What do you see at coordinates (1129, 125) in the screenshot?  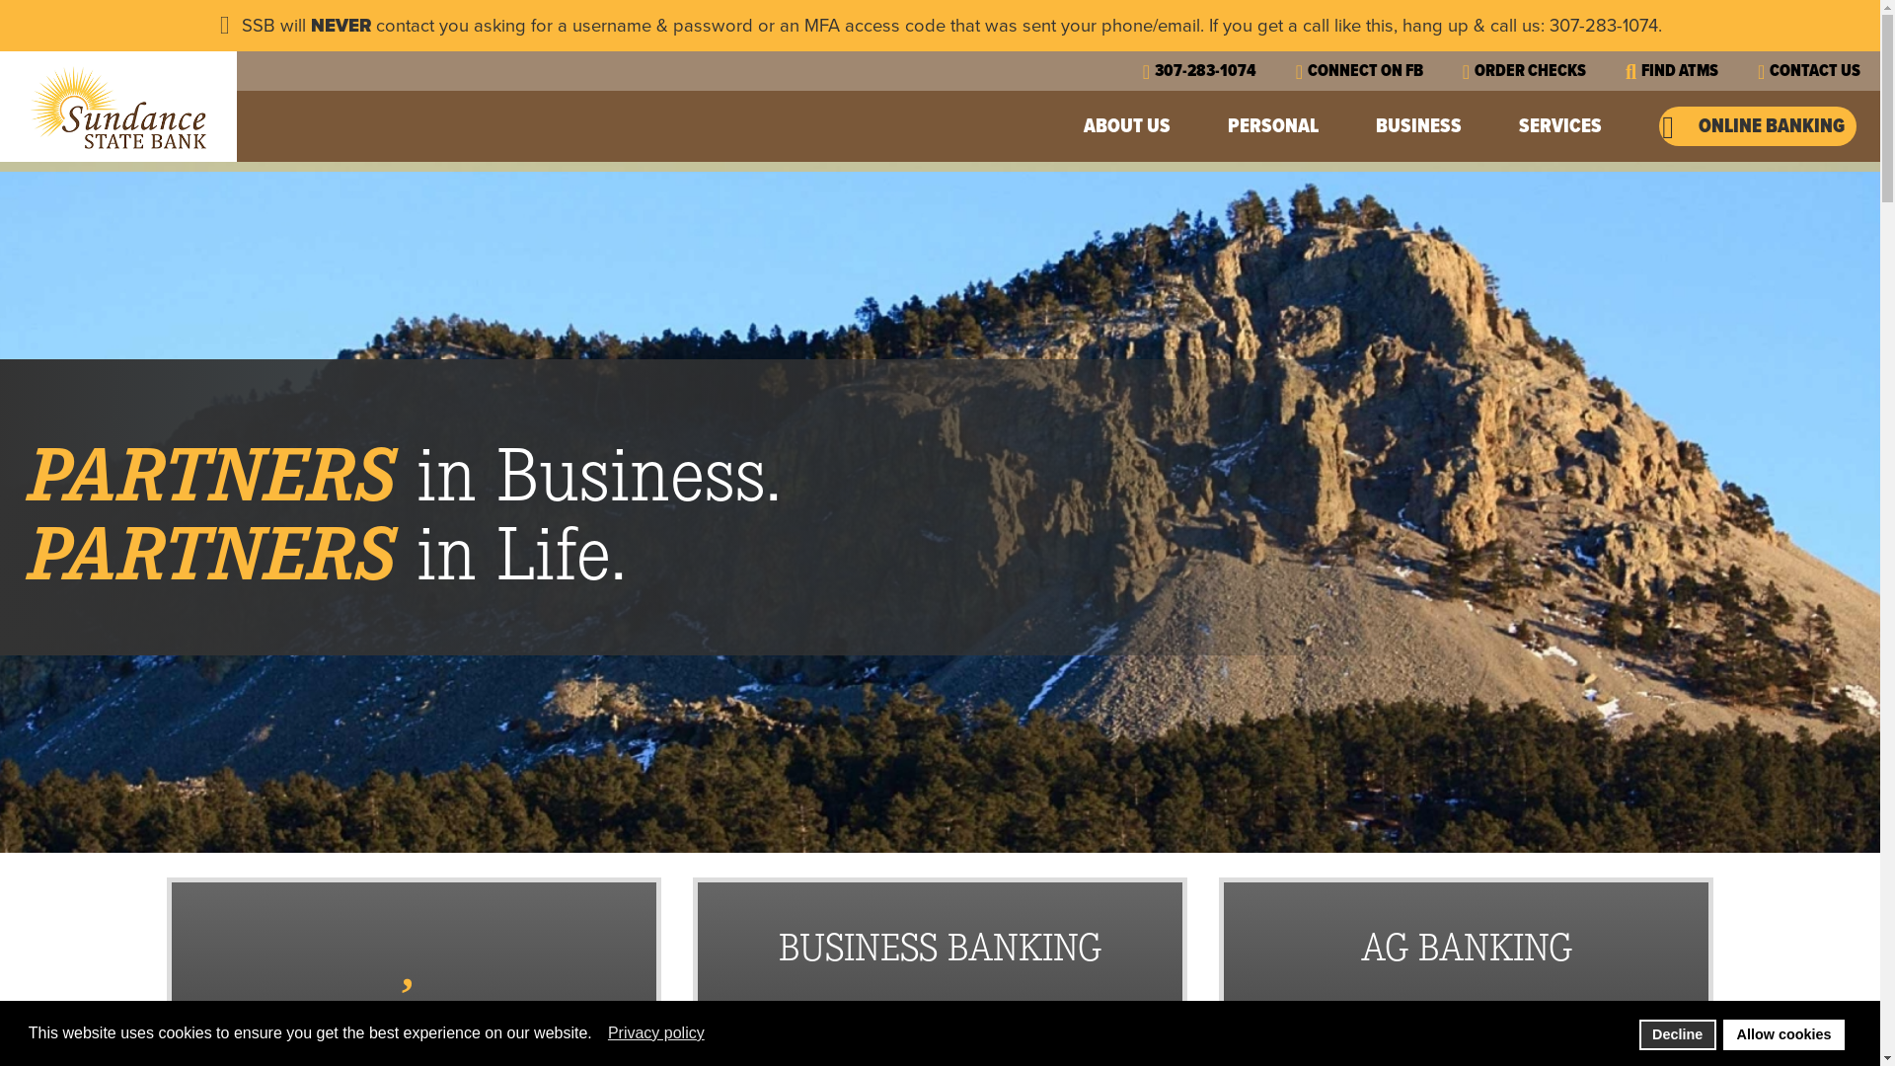 I see `'ABOUT US'` at bounding box center [1129, 125].